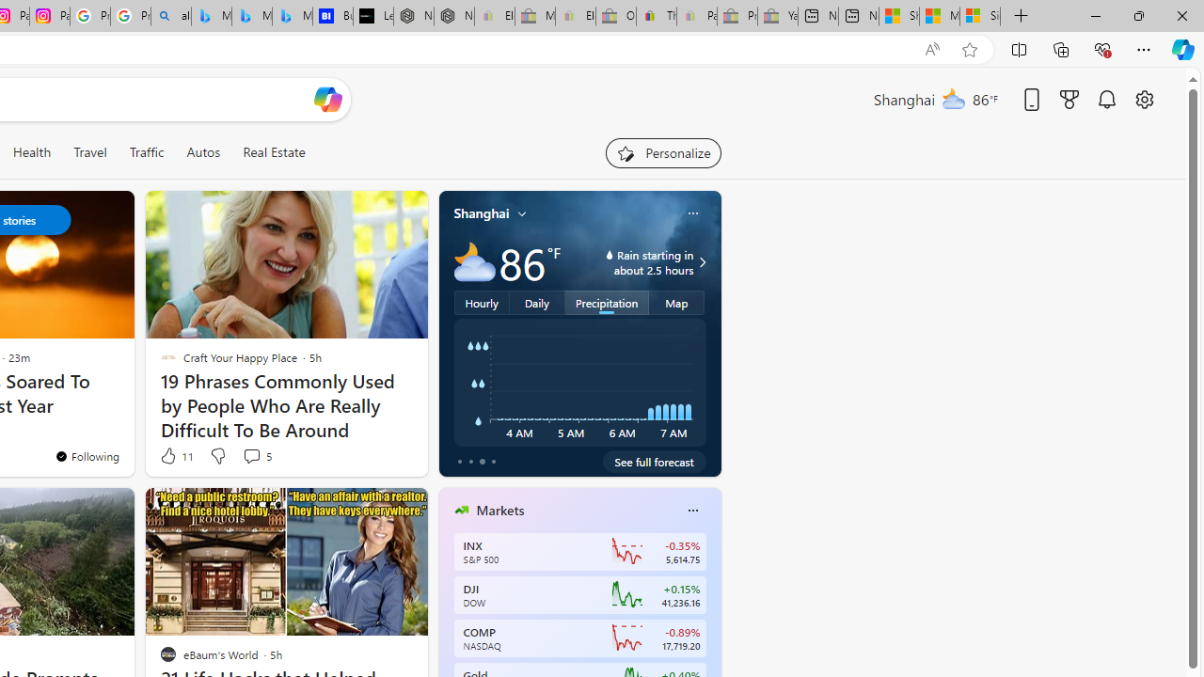  I want to click on 'Shanghai', so click(482, 213).